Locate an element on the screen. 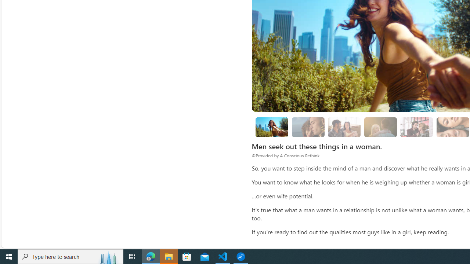  'Class: progress' is located at coordinates (416, 125).